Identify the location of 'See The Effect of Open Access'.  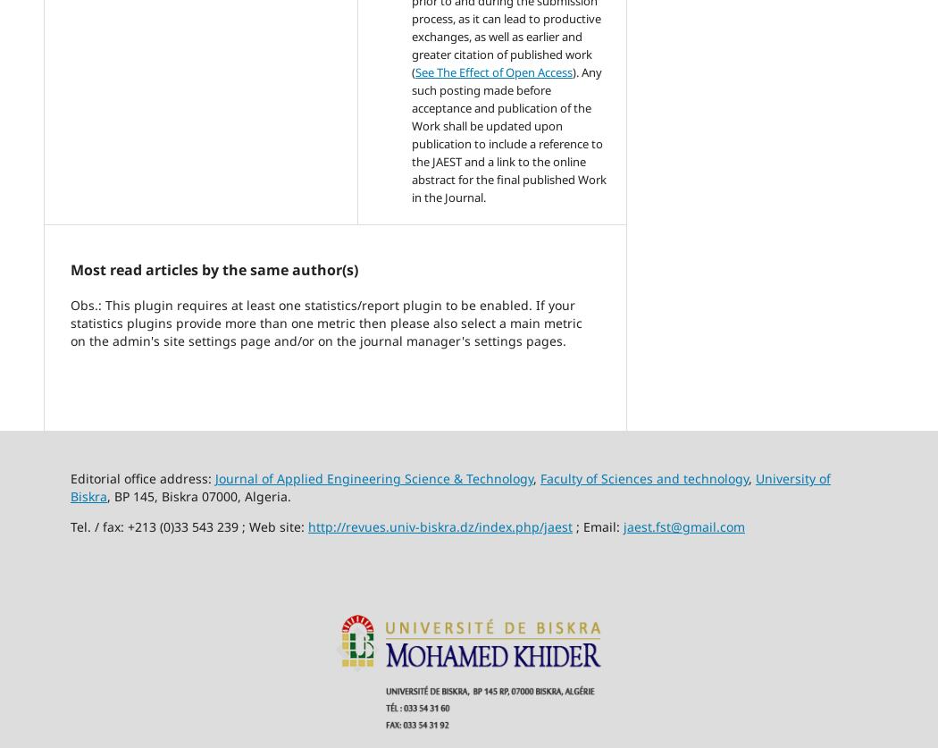
(494, 72).